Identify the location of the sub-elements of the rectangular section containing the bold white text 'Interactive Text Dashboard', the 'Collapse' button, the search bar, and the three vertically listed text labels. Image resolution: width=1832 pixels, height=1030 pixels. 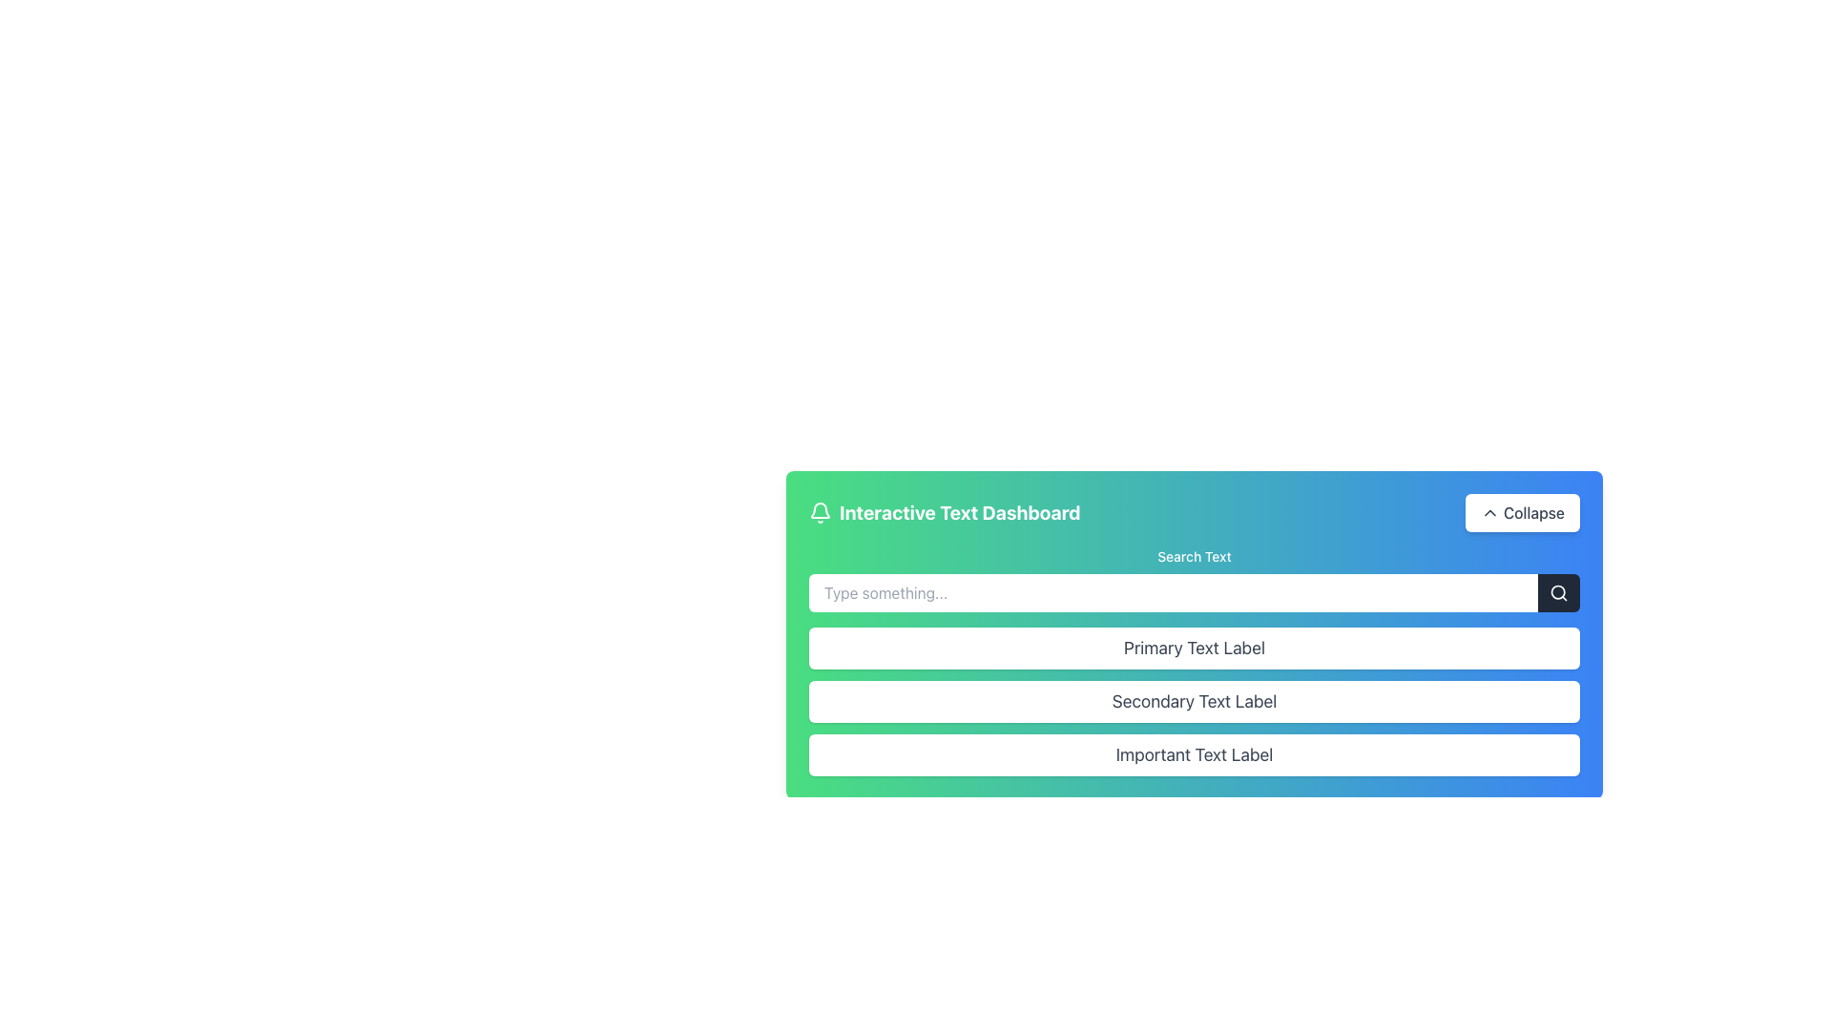
(1194, 635).